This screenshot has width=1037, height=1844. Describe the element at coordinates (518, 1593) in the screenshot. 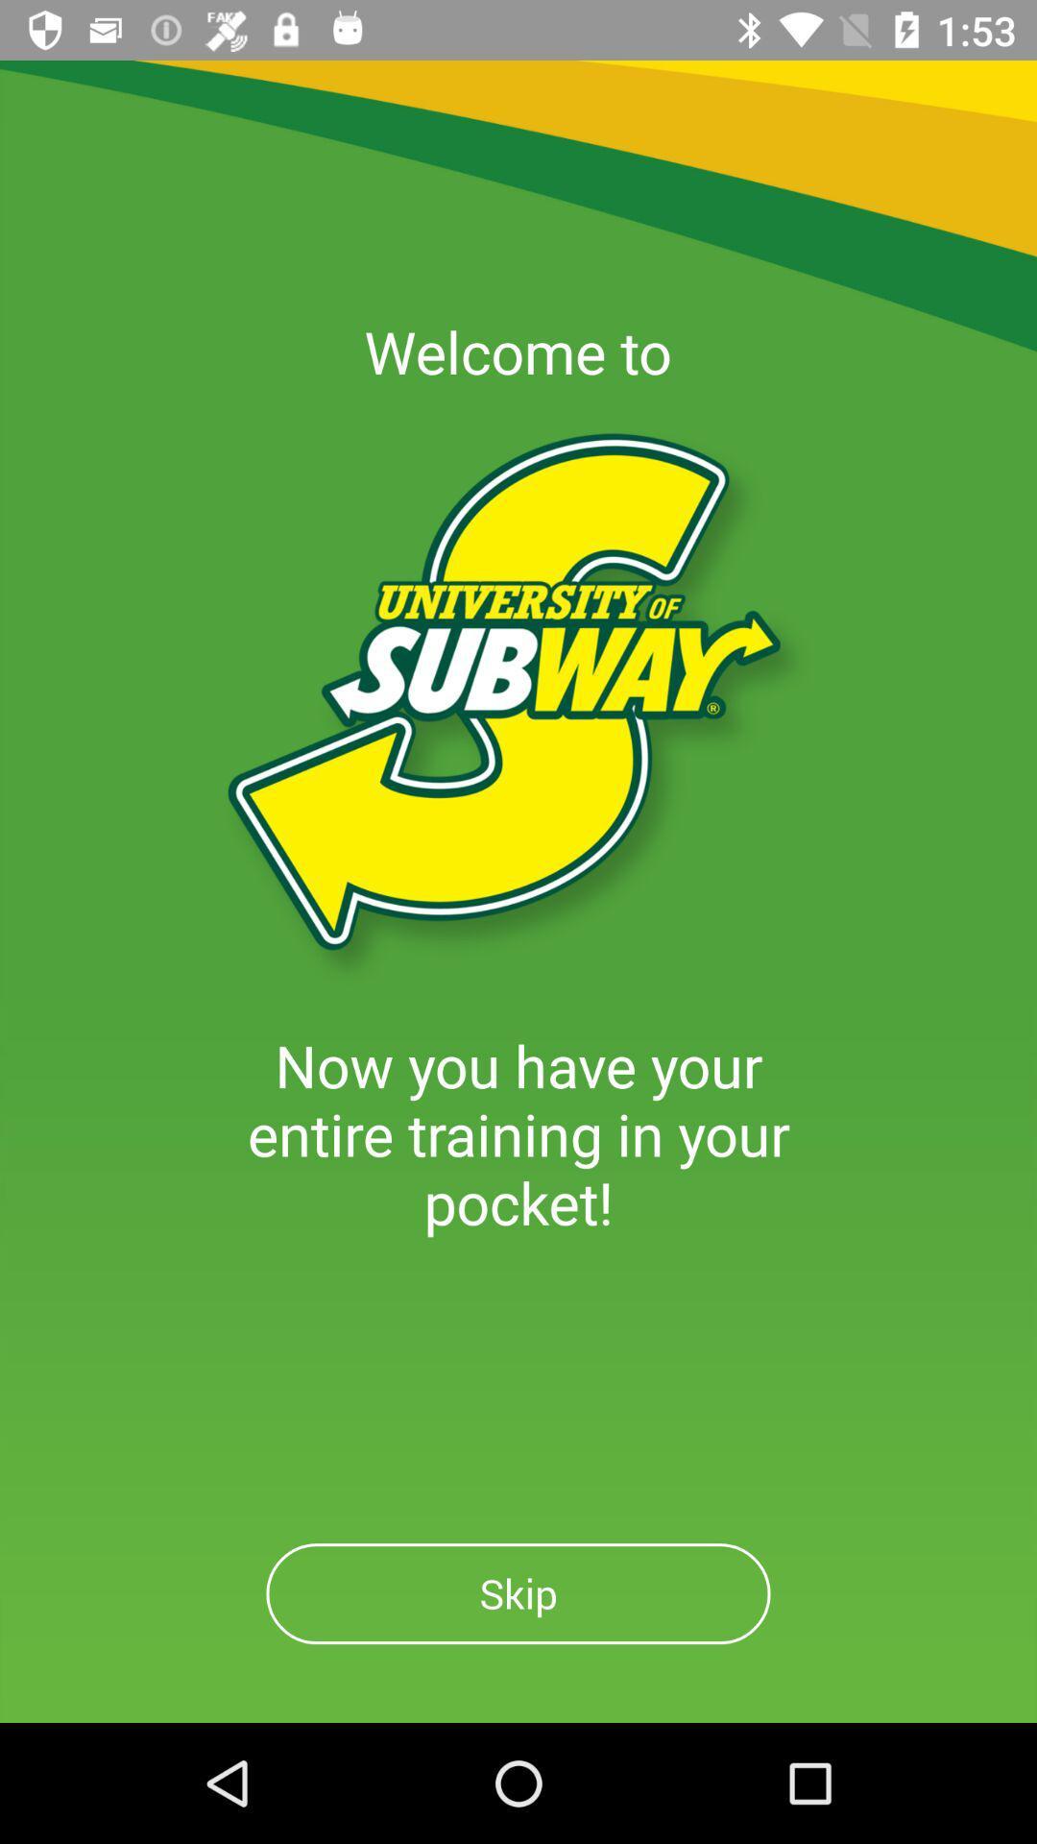

I see `skip button` at that location.